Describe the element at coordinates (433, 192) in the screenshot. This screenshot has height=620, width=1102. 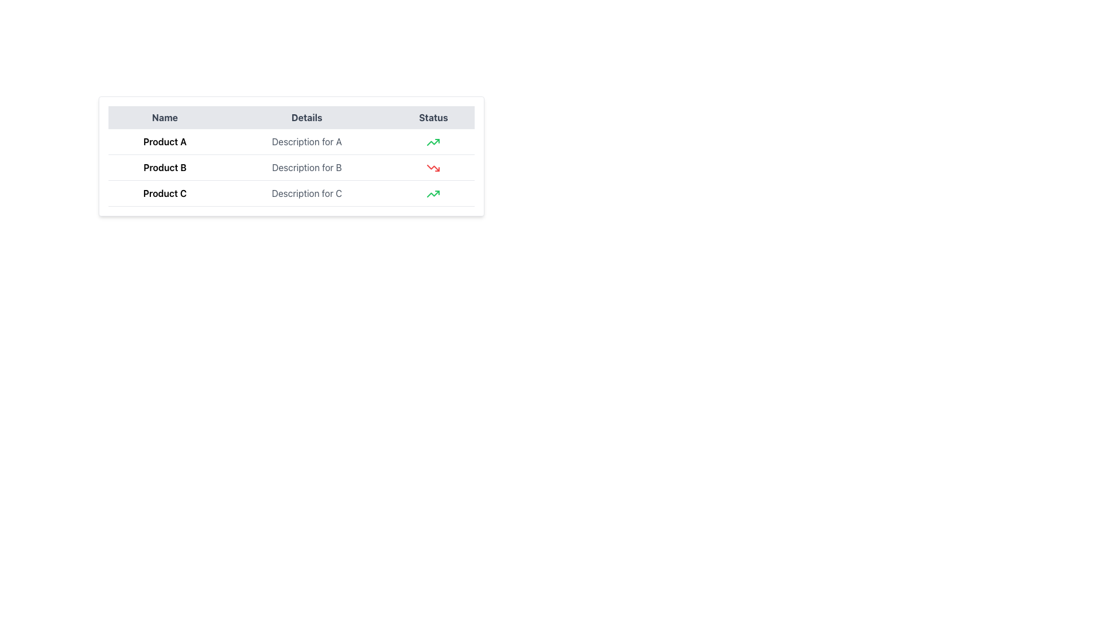
I see `the green upward arrow icon representing the trend for 'Product C' located in the 'Status' column of its corresponding row` at that location.